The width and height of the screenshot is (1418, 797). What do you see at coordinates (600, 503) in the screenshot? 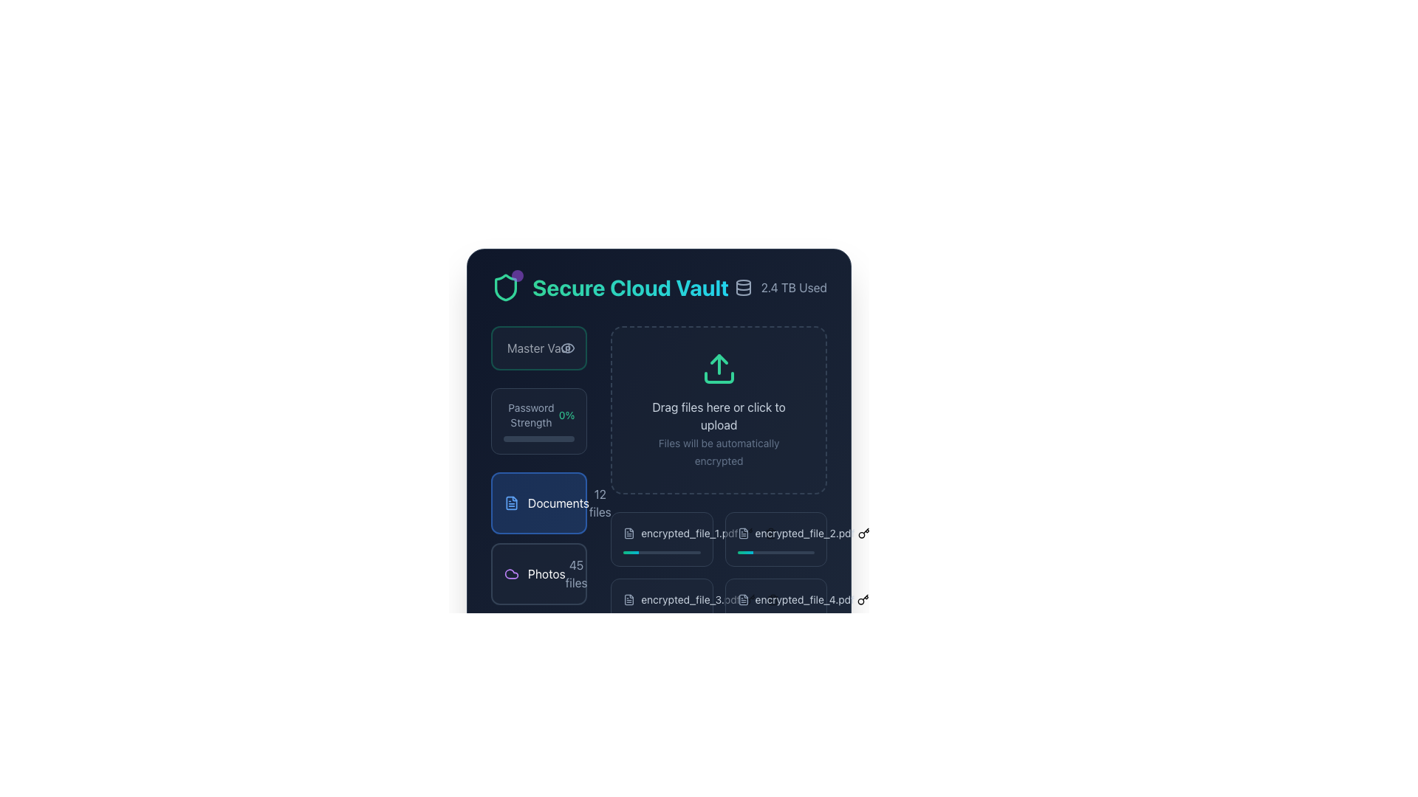
I see `the label displaying '12' files, which is styled in gray on a dark background and located to the right of the 'Documents' label in the vertical navigation menu` at bounding box center [600, 503].